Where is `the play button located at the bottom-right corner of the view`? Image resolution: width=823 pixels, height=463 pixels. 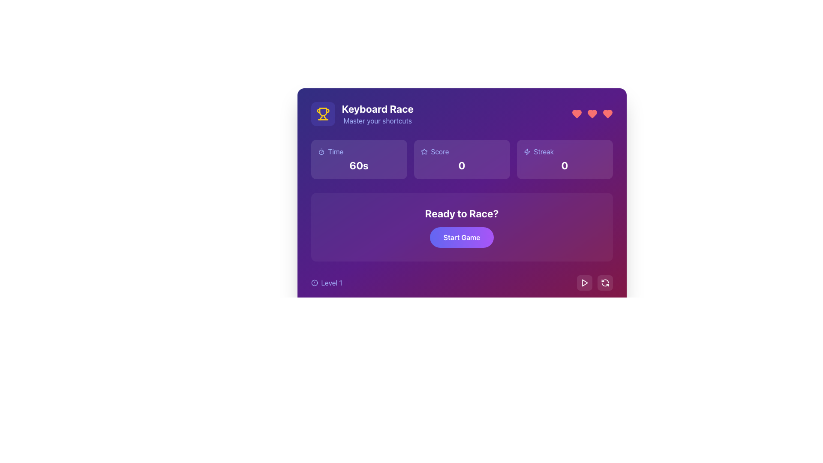
the play button located at the bottom-right corner of the view is located at coordinates (584, 283).